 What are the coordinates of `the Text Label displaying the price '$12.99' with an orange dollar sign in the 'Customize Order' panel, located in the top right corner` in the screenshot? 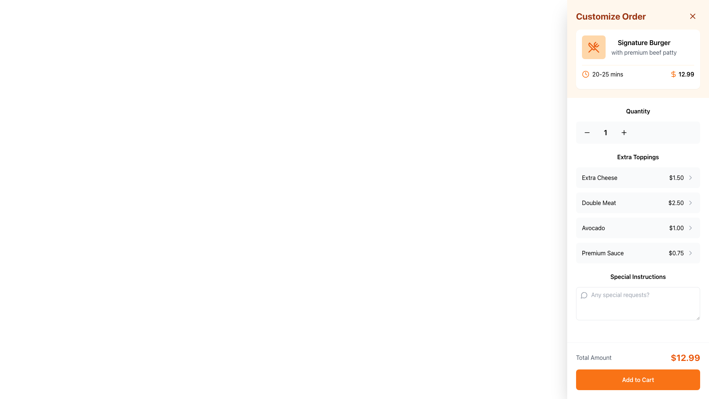 It's located at (681, 74).